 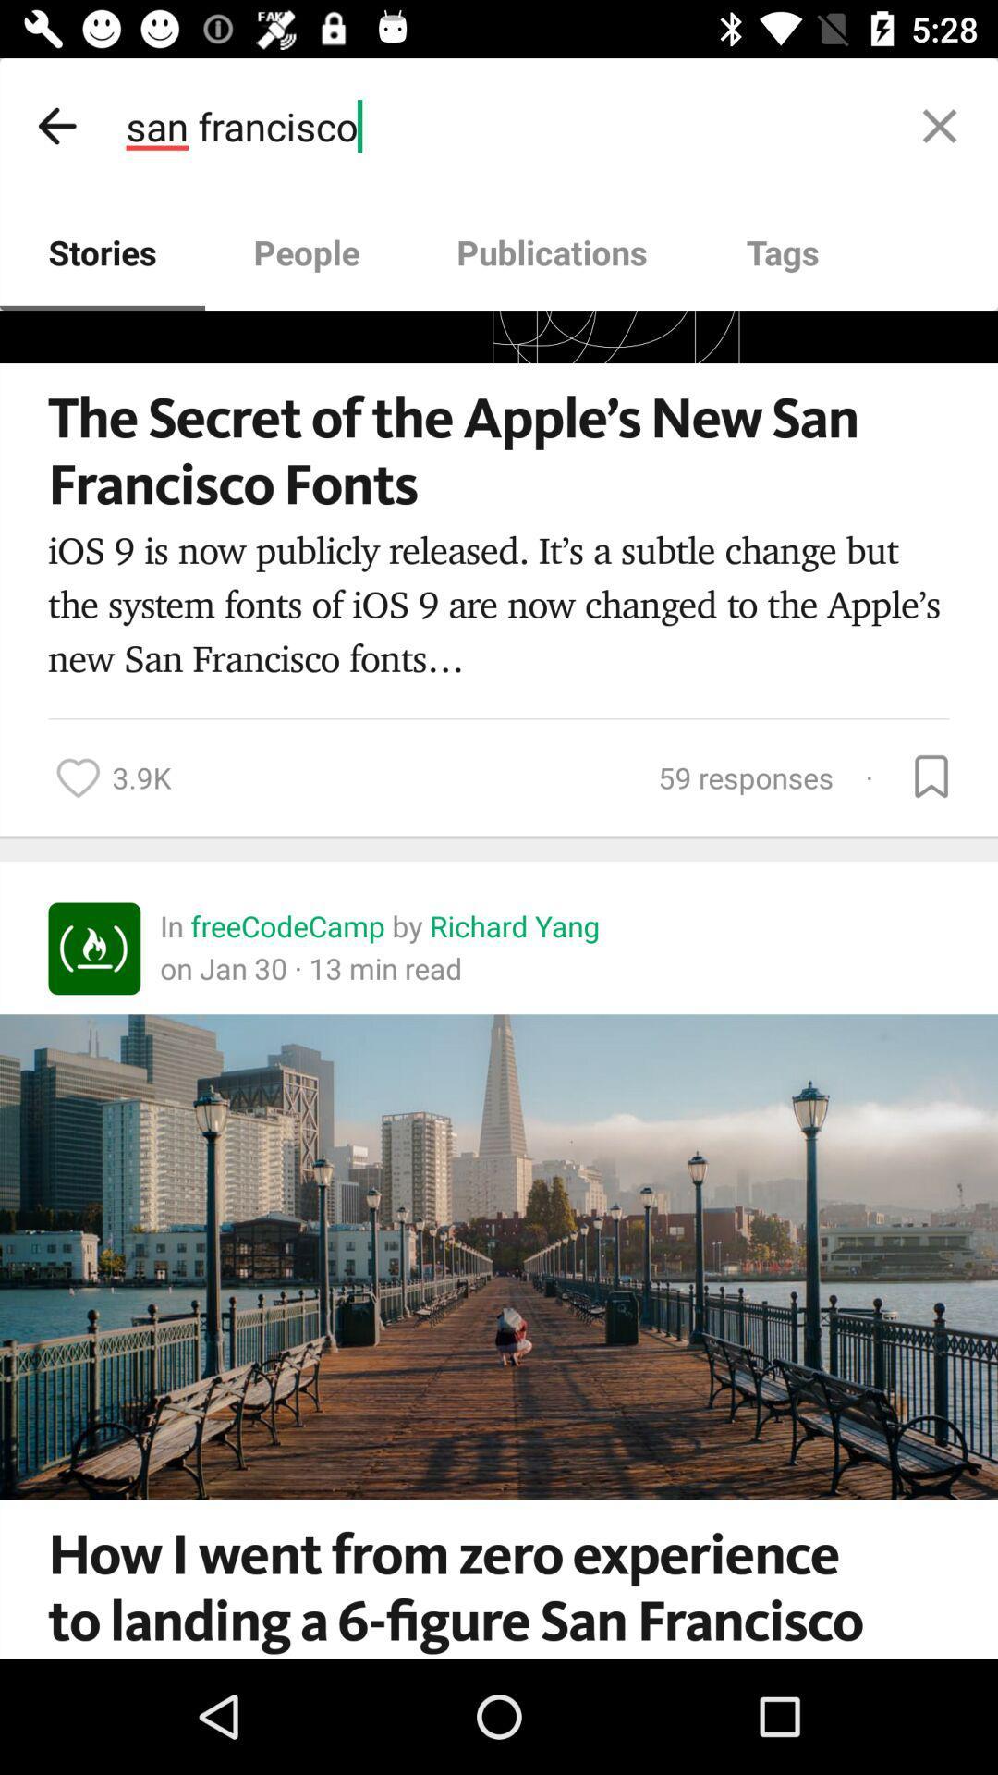 I want to click on the clear button, so click(x=940, y=125).